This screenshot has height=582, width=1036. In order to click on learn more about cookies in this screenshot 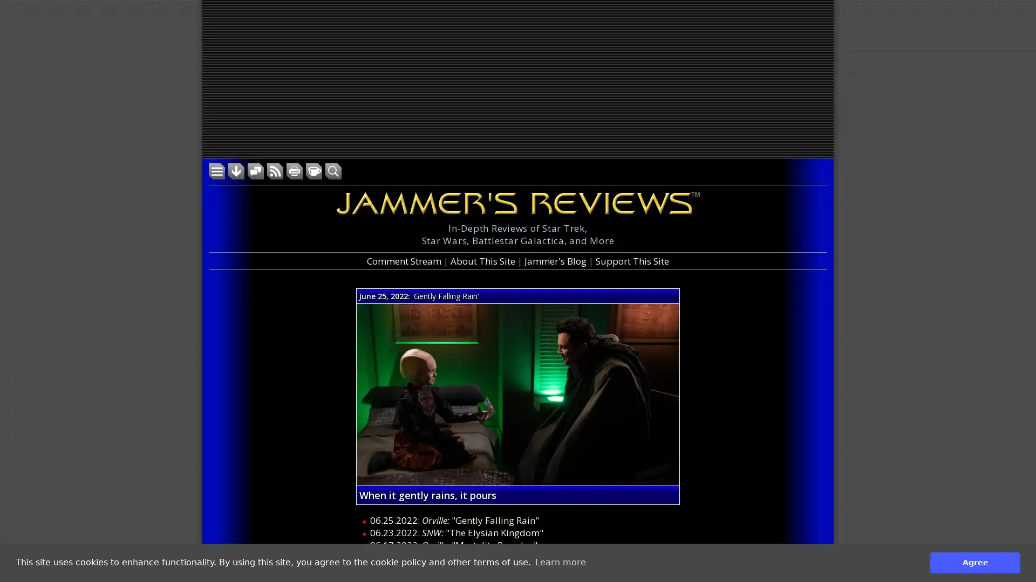, I will do `click(560, 562)`.